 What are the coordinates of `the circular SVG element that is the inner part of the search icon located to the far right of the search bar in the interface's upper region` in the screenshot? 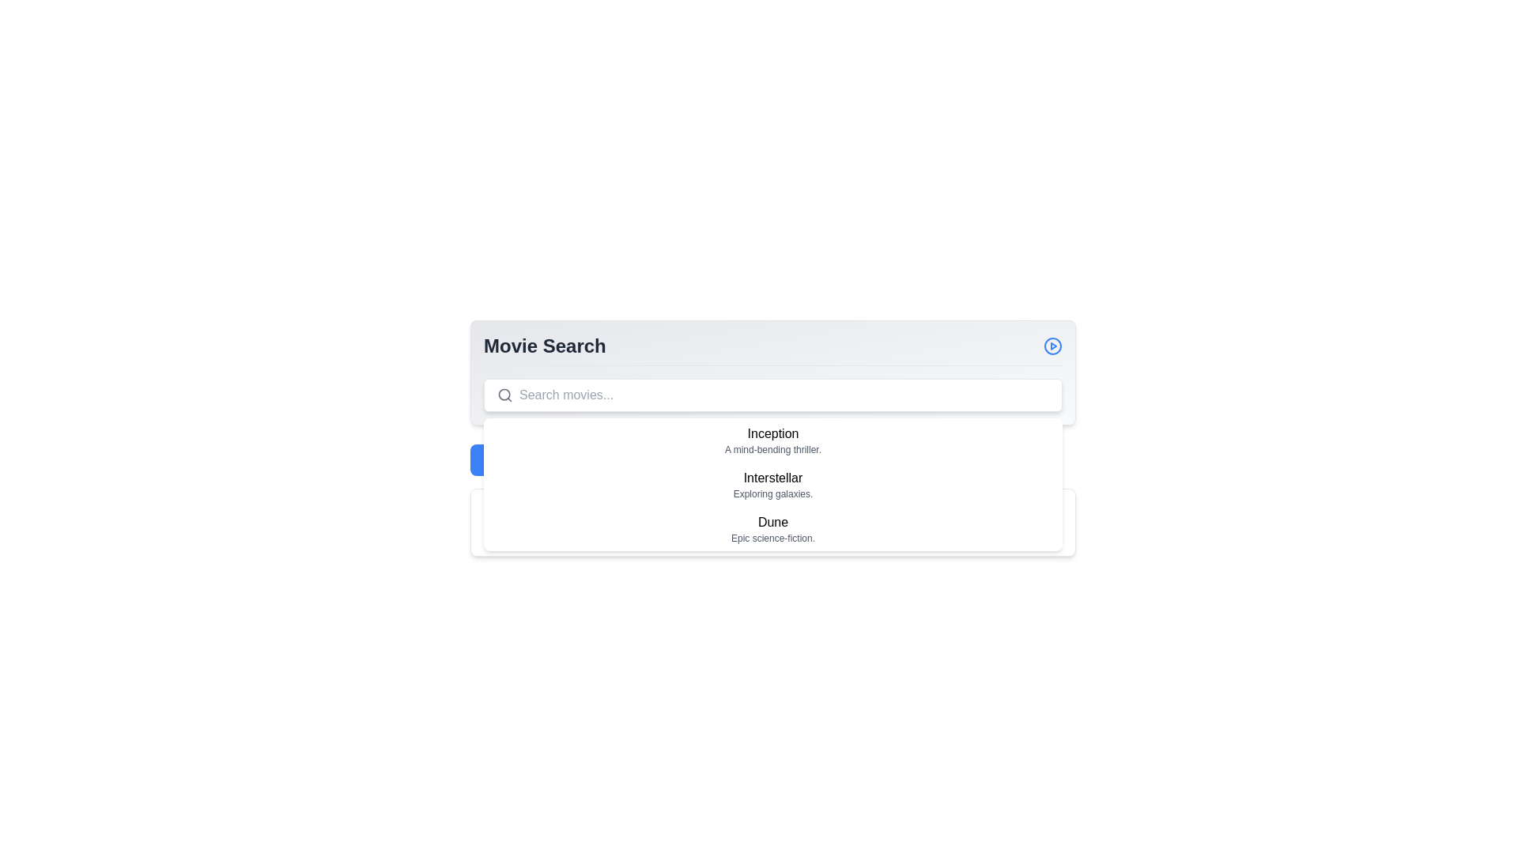 It's located at (504, 394).